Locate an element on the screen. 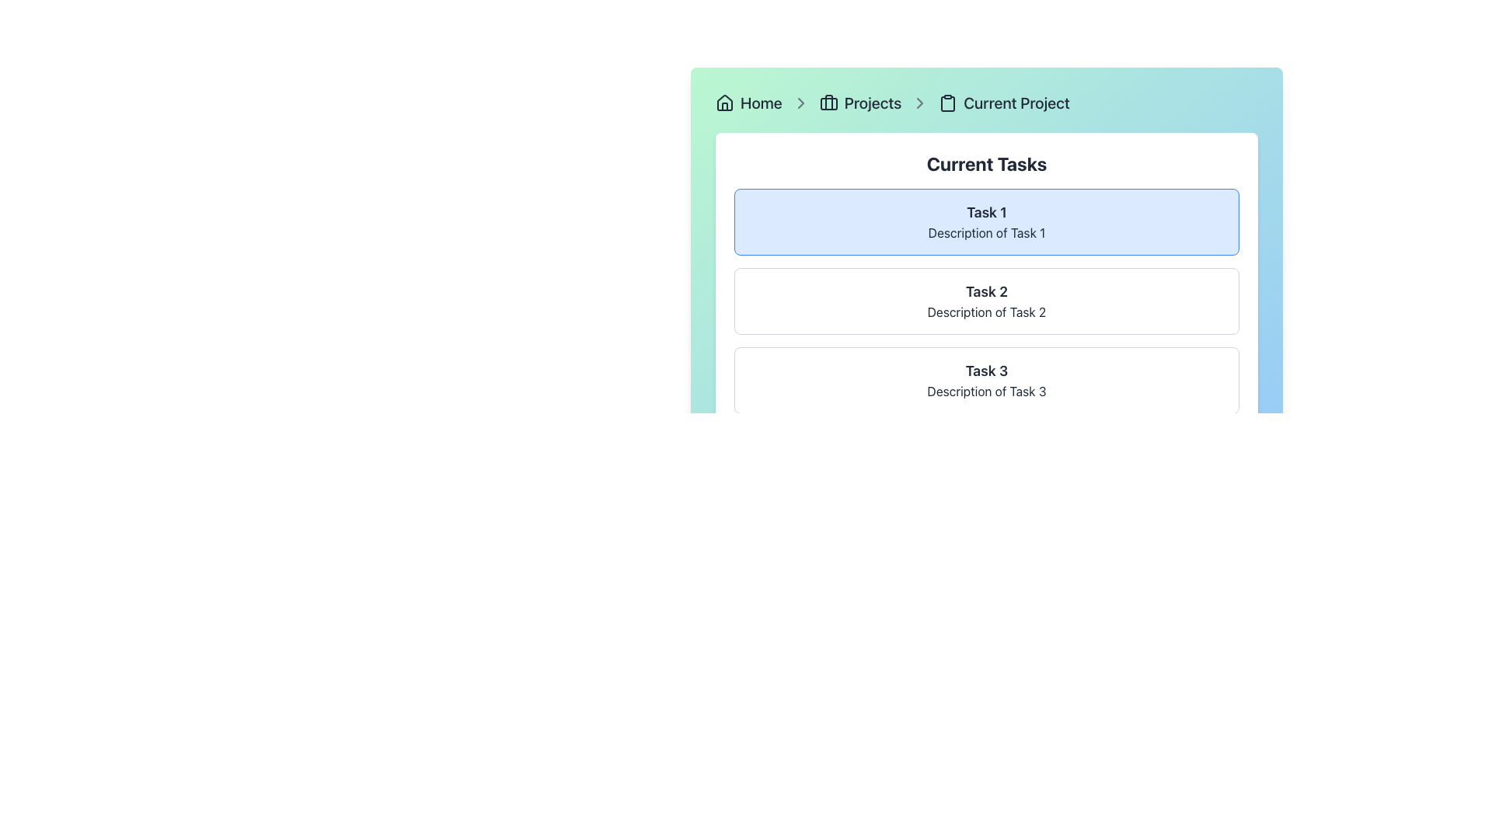 The height and width of the screenshot is (839, 1492). the chevron icon in the breadcrumb navigation bar, which is gray, thin-stroked, and rounded, positioned between the 'Projects' and 'Current Project' text is located at coordinates (920, 103).